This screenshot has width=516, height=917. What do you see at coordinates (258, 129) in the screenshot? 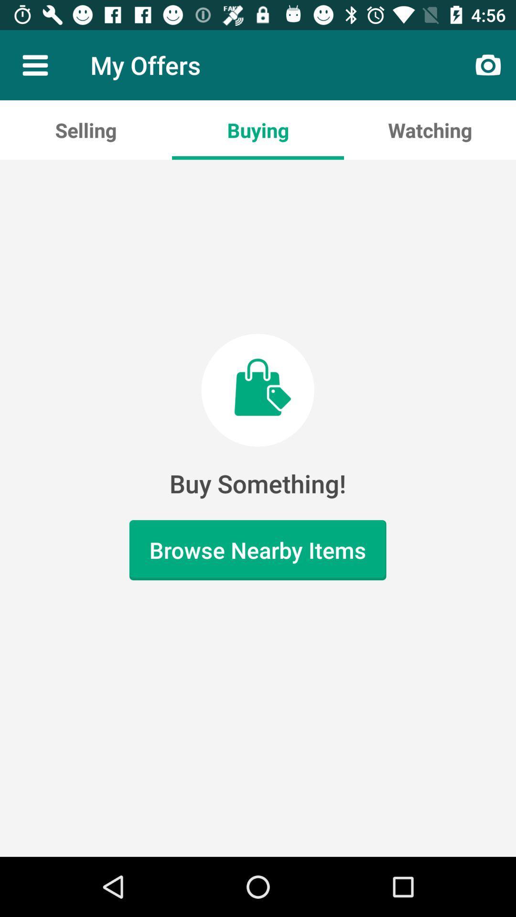
I see `item next to the watching item` at bounding box center [258, 129].